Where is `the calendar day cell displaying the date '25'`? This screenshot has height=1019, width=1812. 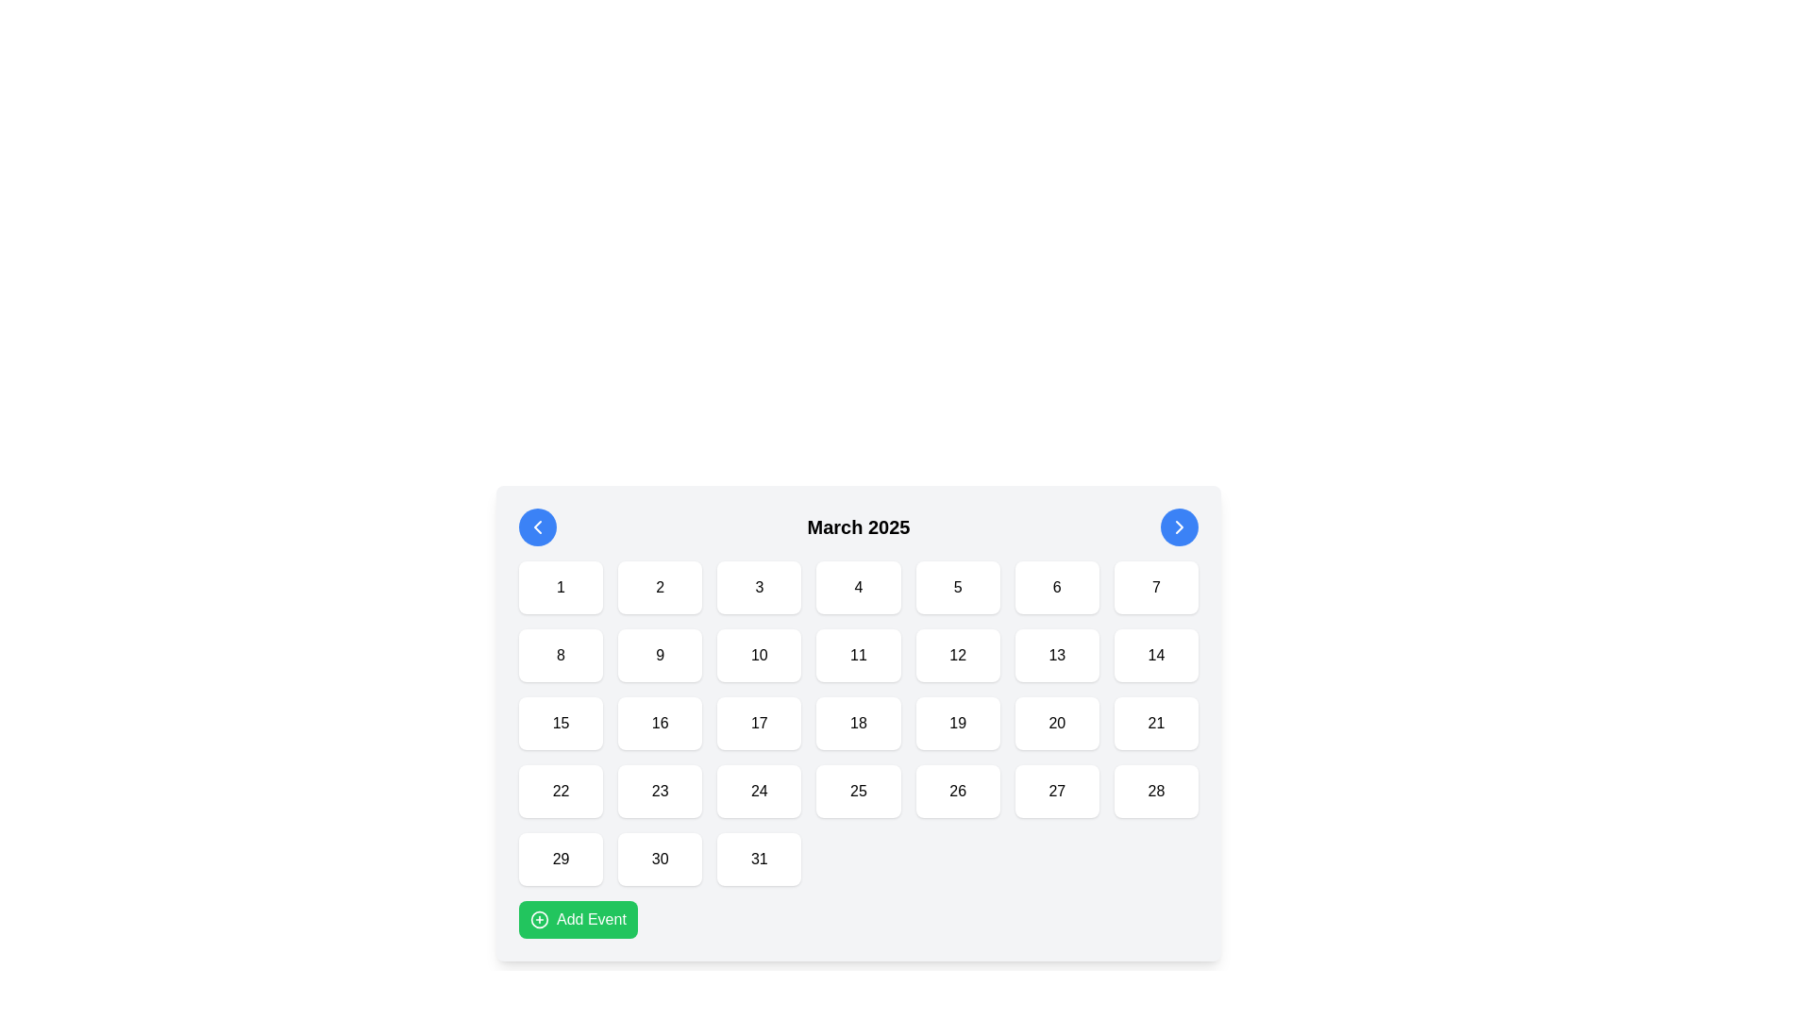 the calendar day cell displaying the date '25' is located at coordinates (858, 792).